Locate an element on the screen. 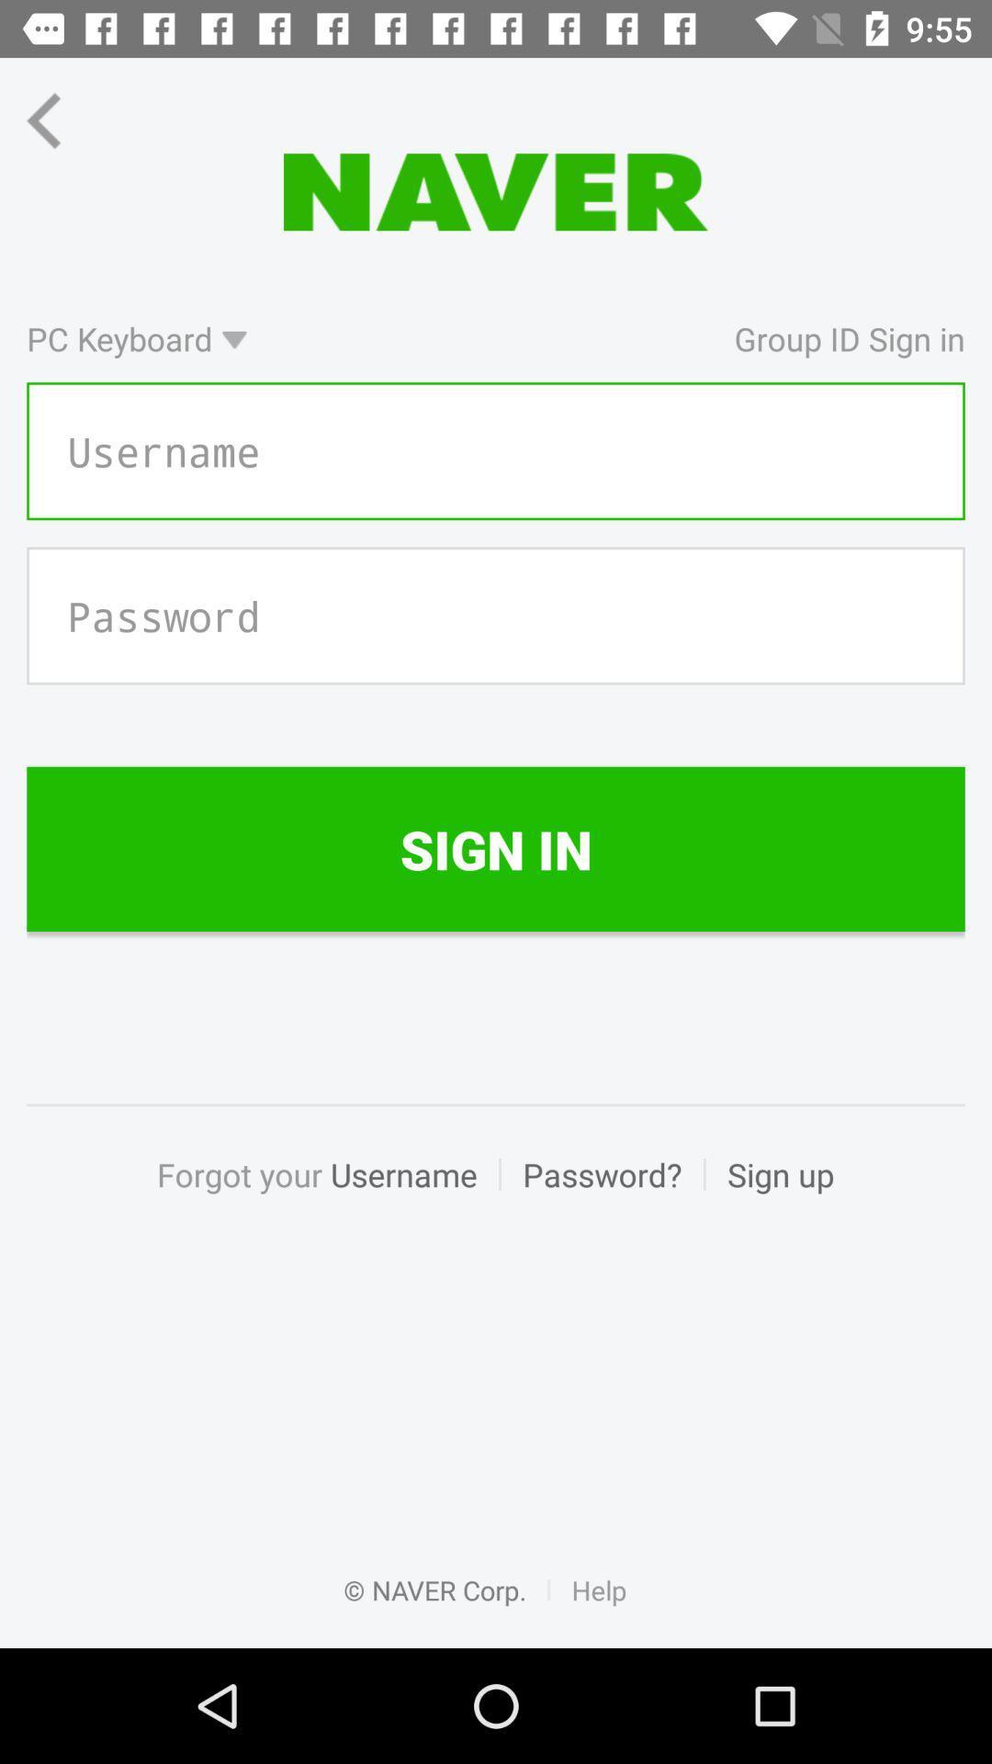  password input is located at coordinates (496, 616).